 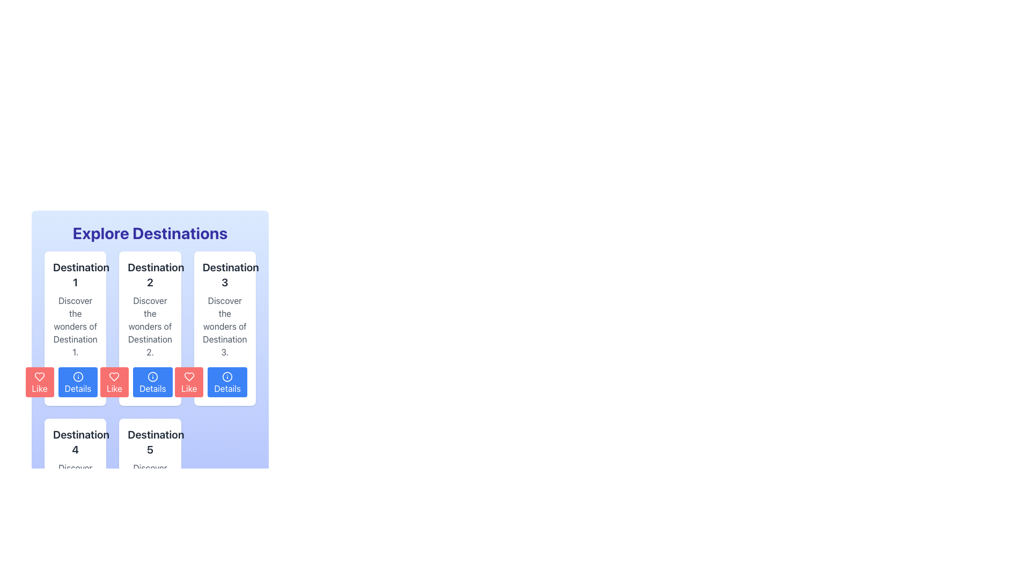 I want to click on the heart-shaped UI icon representing the 'Like' button under the 'Destination 3' card in the 'Explore Destinations' section, so click(x=189, y=376).